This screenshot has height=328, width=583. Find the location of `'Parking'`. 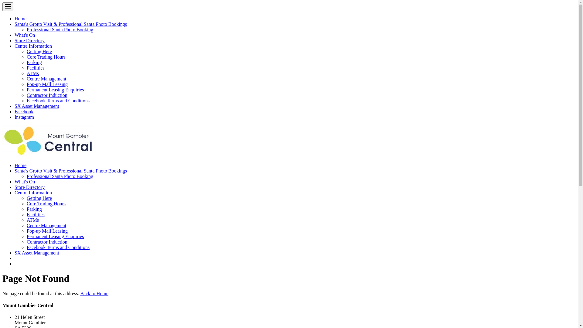

'Parking' is located at coordinates (34, 209).